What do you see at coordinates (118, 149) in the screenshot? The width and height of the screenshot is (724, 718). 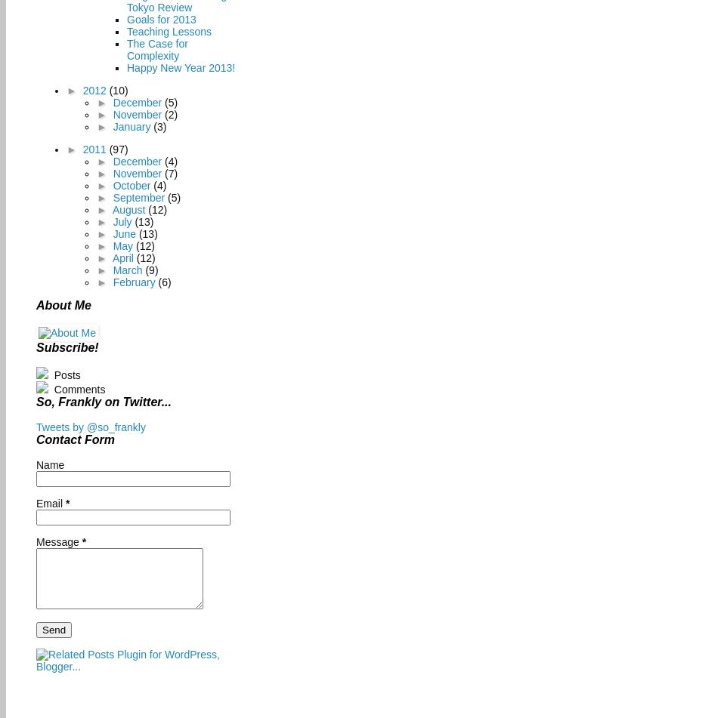 I see `'(97)'` at bounding box center [118, 149].